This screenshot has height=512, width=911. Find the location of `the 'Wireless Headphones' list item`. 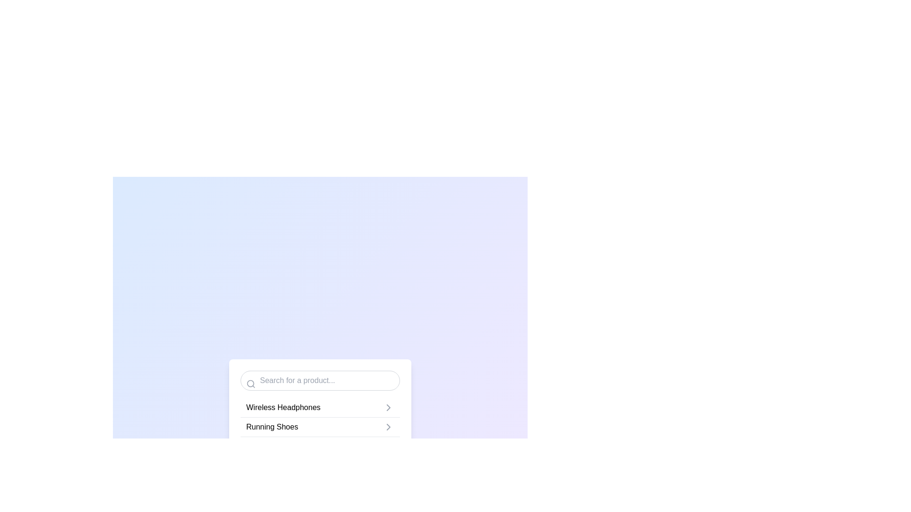

the 'Wireless Headphones' list item is located at coordinates (320, 407).